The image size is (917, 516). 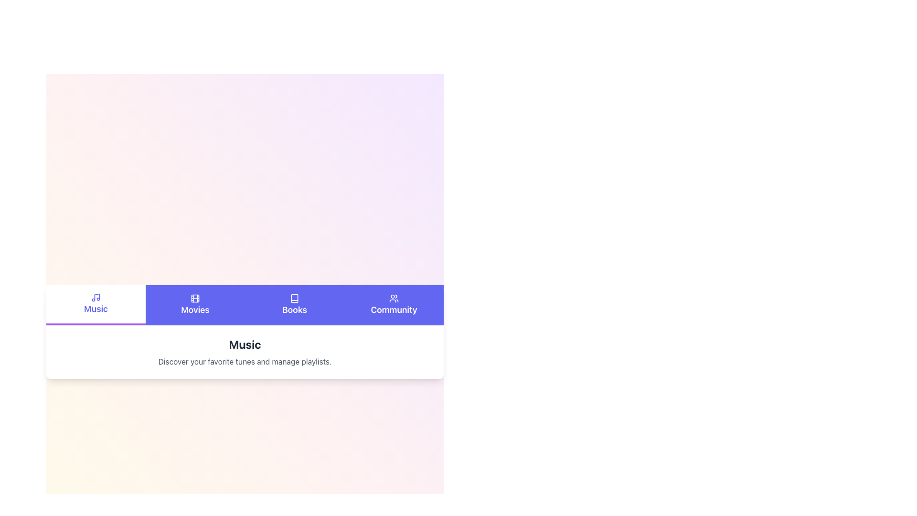 I want to click on the 'Music' text label located at the bottom of the navigation menu item, so click(x=96, y=309).